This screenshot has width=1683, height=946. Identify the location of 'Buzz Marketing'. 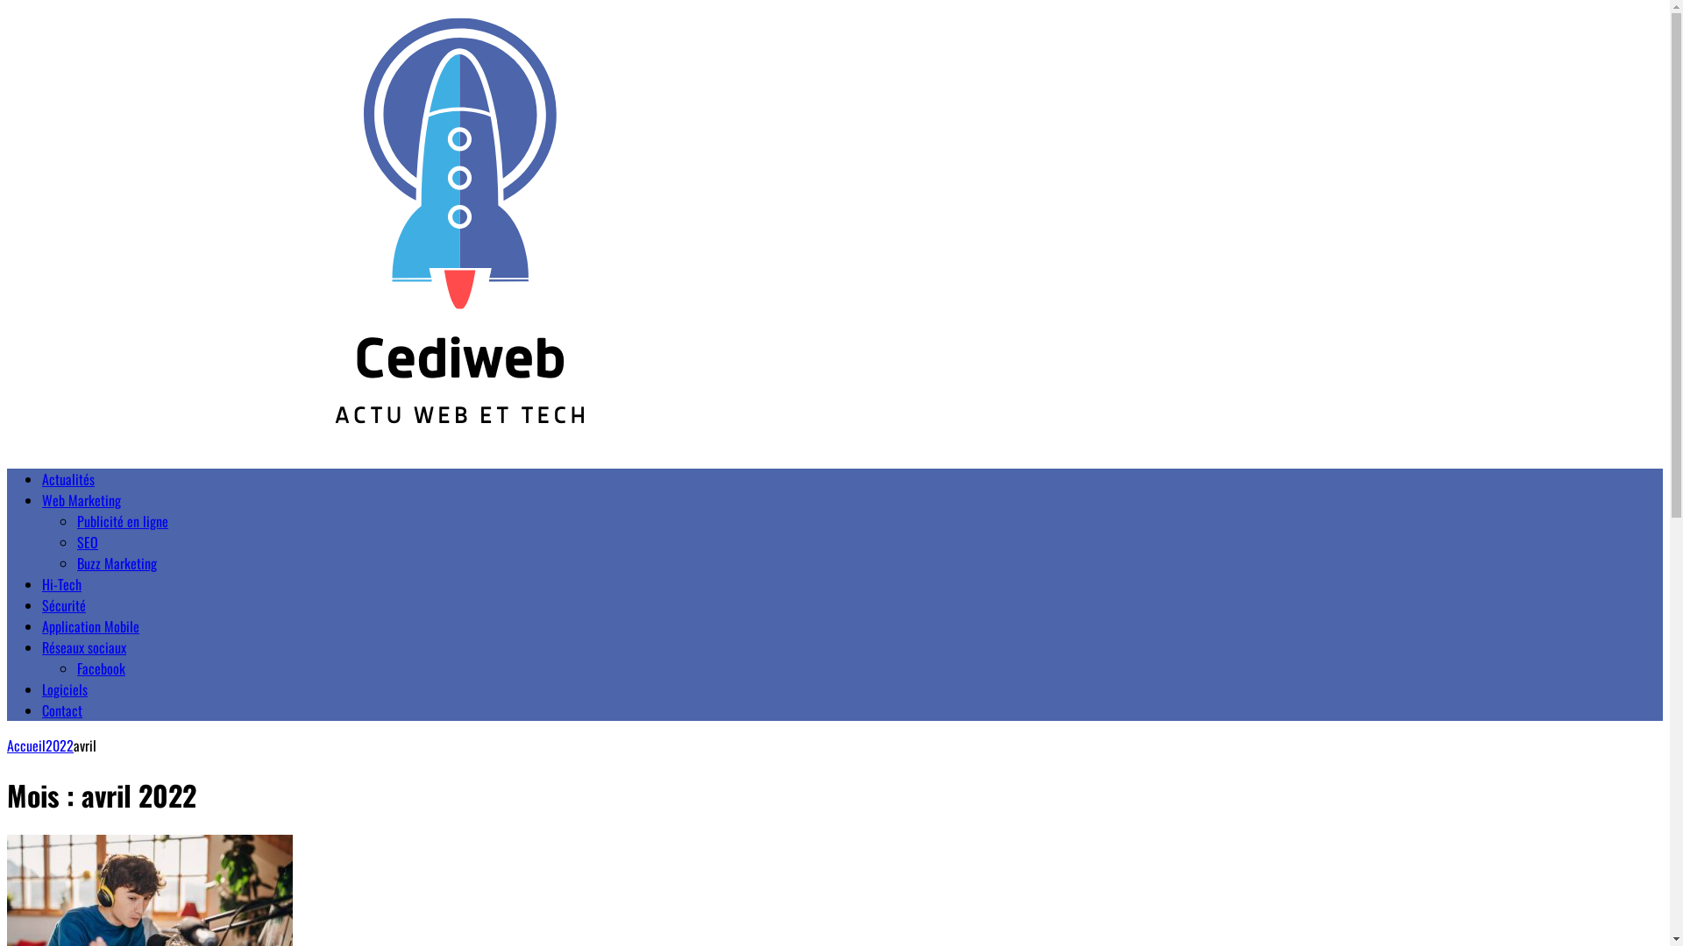
(116, 563).